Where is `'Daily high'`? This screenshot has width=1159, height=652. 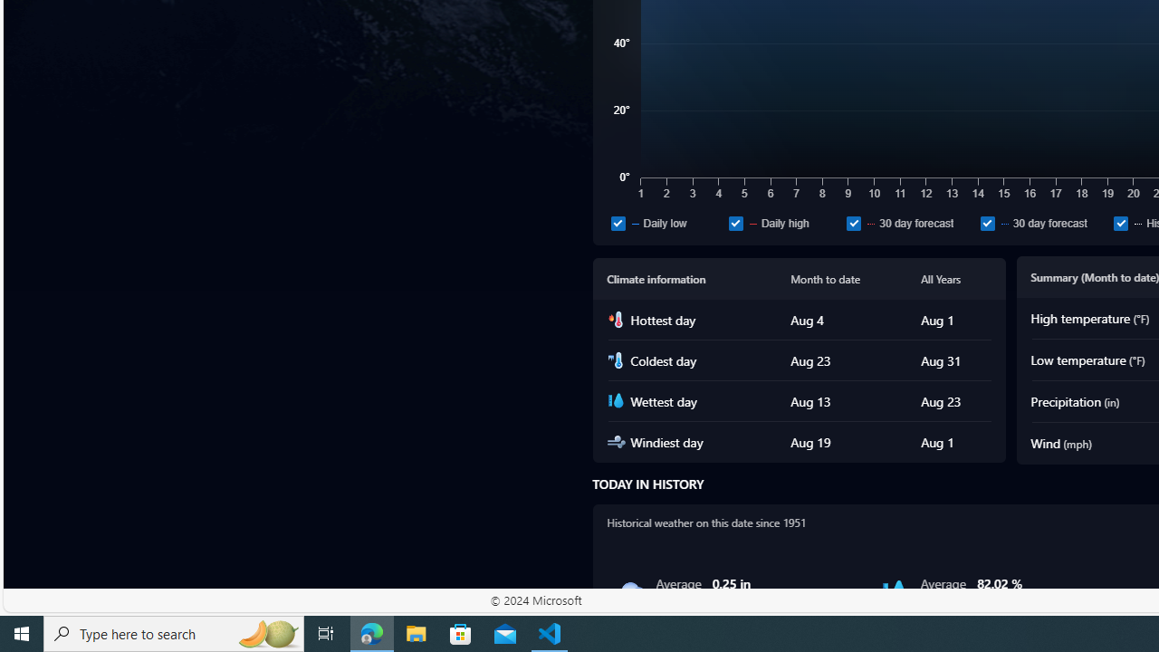 'Daily high' is located at coordinates (783, 222).